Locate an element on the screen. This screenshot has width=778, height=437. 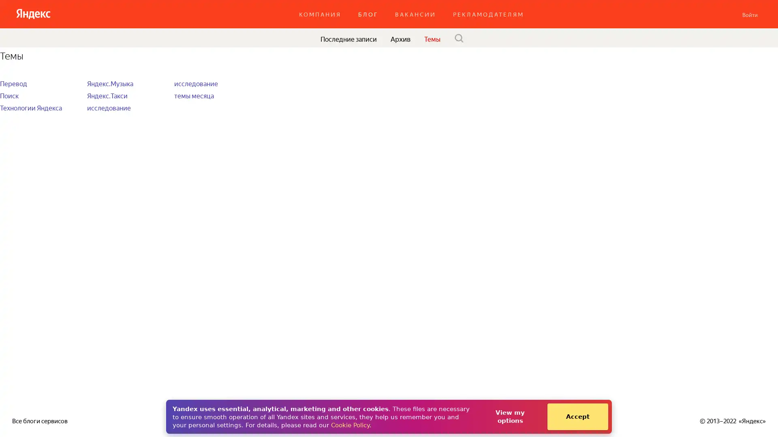
View my options is located at coordinates (509, 416).